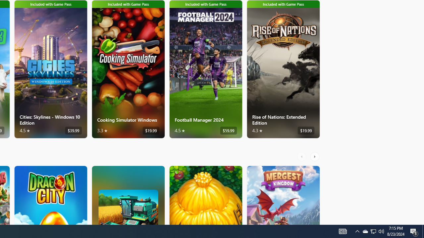 The image size is (424, 238). Describe the element at coordinates (302, 156) in the screenshot. I see `'AutomationID: LeftScrollButton'` at that location.